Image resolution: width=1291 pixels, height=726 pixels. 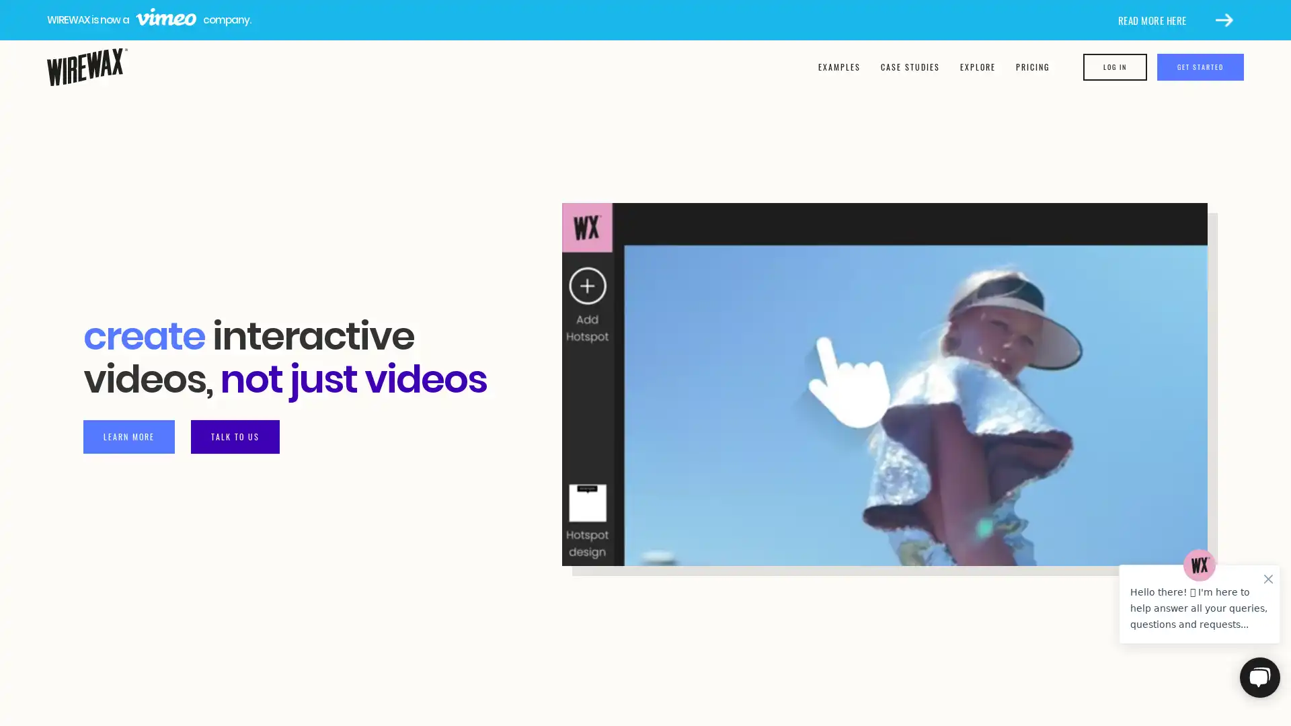 What do you see at coordinates (235, 436) in the screenshot?
I see `TALK TO US` at bounding box center [235, 436].